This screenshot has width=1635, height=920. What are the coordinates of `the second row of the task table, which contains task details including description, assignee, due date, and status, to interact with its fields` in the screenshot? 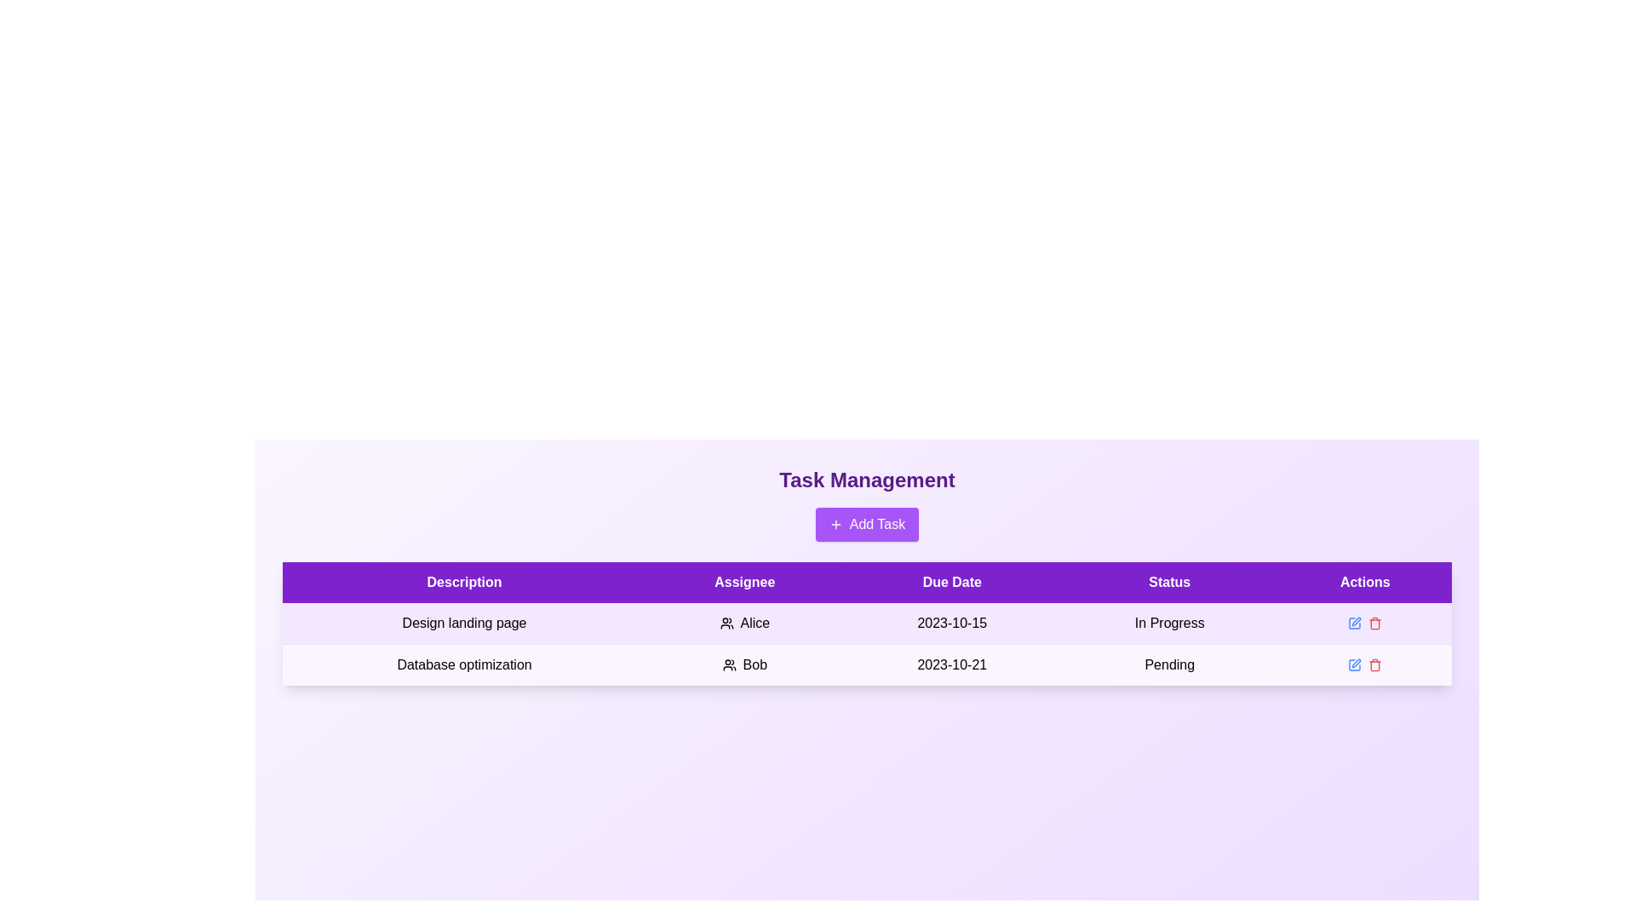 It's located at (867, 664).